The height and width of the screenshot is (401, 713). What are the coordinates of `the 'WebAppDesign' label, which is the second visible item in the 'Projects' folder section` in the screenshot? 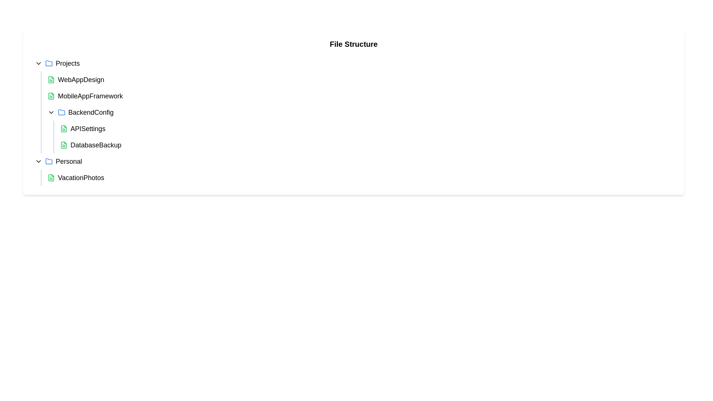 It's located at (81, 80).